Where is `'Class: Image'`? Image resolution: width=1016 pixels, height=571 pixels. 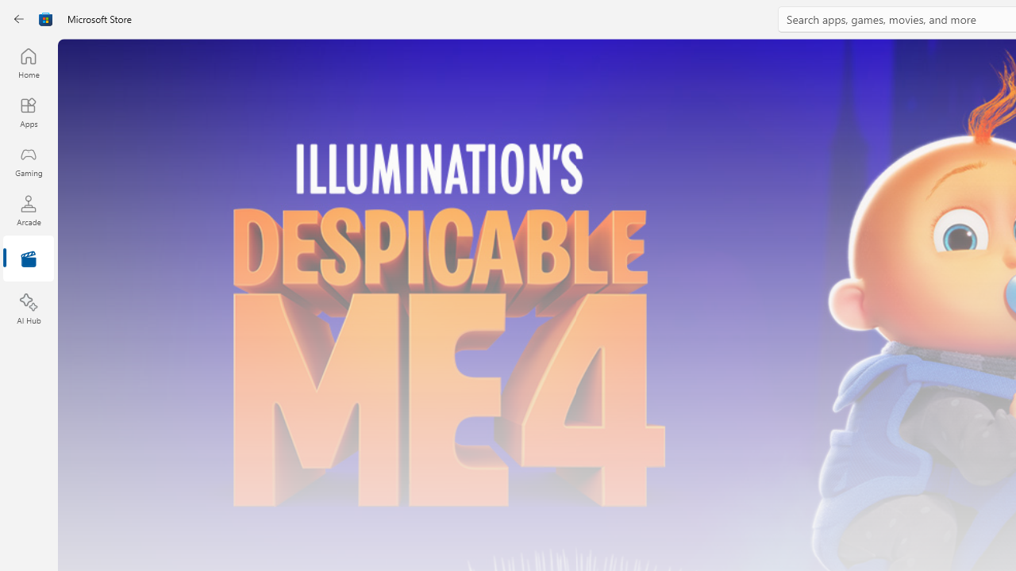 'Class: Image' is located at coordinates (46, 19).